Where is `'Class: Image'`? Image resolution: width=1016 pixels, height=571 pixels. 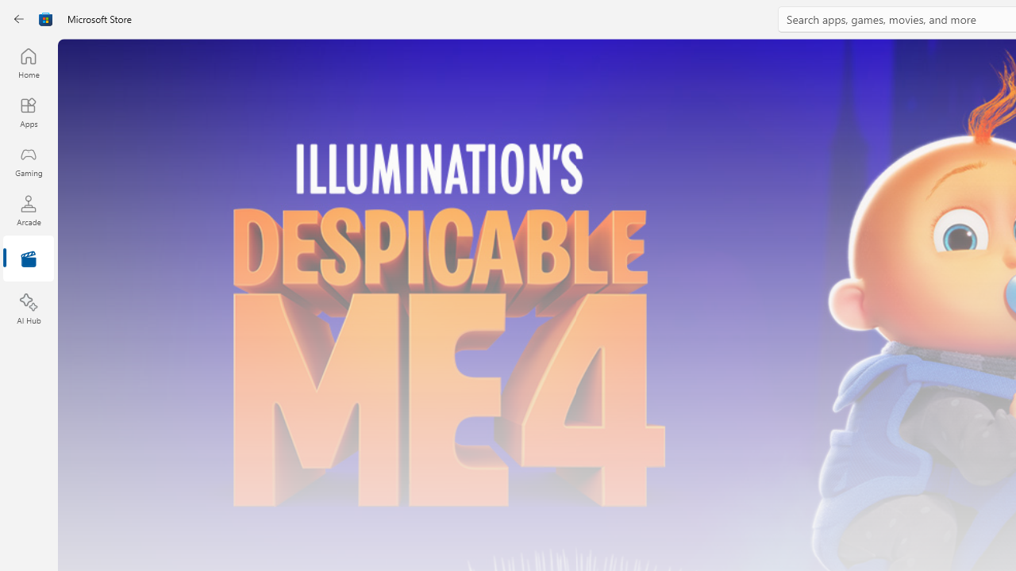 'Class: Image' is located at coordinates (46, 19).